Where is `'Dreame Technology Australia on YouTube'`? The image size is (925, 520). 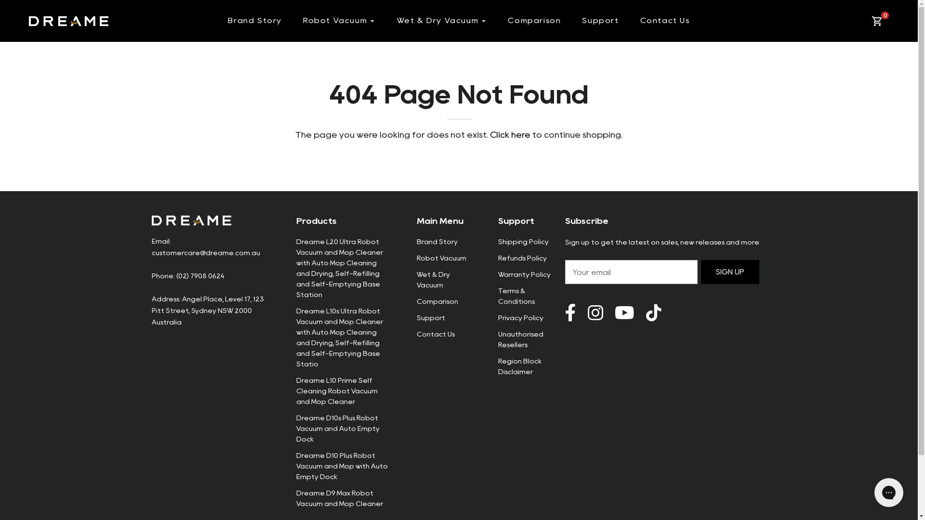
'Dreame Technology Australia on YouTube' is located at coordinates (624, 313).